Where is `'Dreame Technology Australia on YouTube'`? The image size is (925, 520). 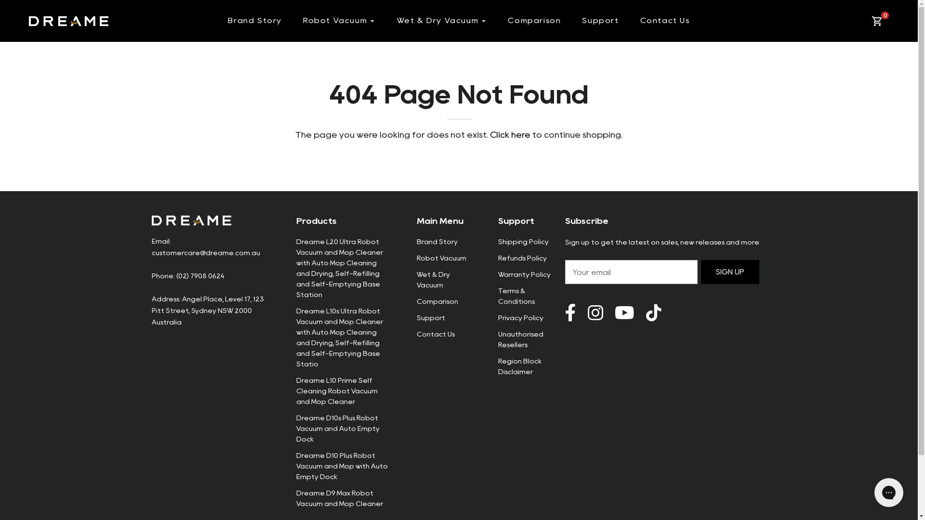
'Dreame Technology Australia on YouTube' is located at coordinates (624, 313).